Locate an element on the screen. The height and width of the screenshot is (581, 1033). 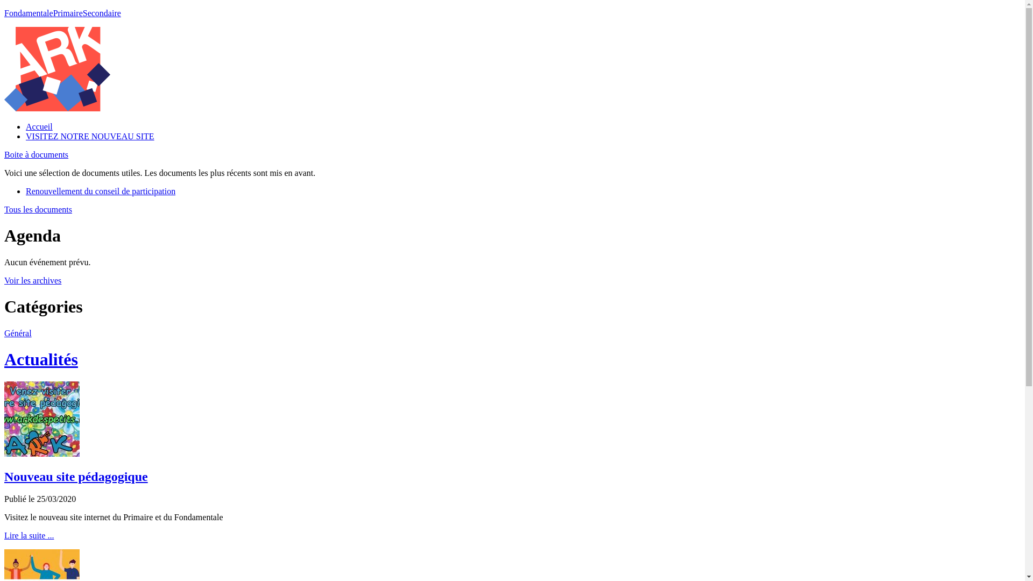
'VISITEZ NOTRE NOUVEAU SITE' is located at coordinates (26, 136).